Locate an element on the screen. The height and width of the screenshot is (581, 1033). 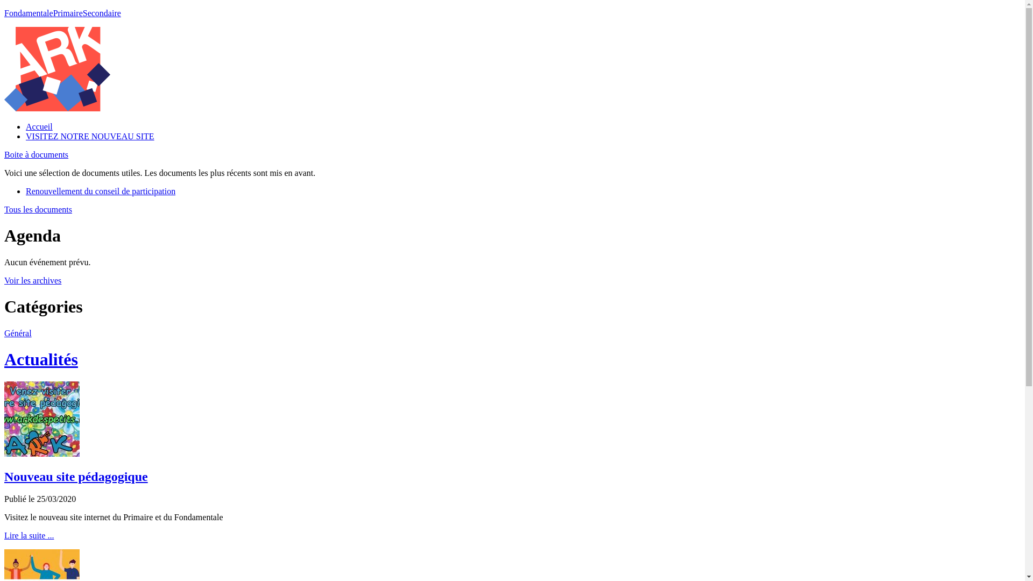
'VISITEZ NOTRE NOUVEAU SITE' is located at coordinates (26, 136).